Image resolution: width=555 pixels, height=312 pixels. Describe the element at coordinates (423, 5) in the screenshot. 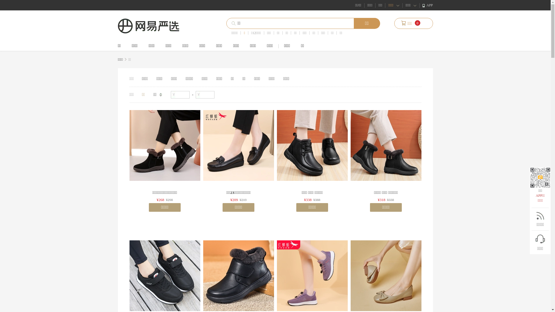

I see `'APP'` at that location.